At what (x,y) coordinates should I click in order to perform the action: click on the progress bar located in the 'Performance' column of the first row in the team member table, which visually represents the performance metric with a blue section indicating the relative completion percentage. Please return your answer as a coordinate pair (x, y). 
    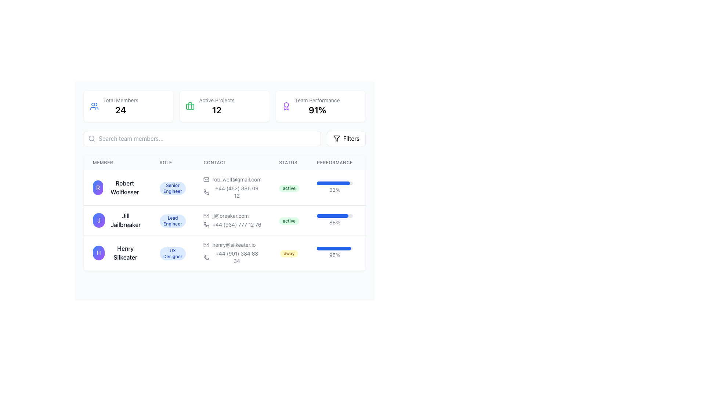
    Looking at the image, I should click on (335, 183).